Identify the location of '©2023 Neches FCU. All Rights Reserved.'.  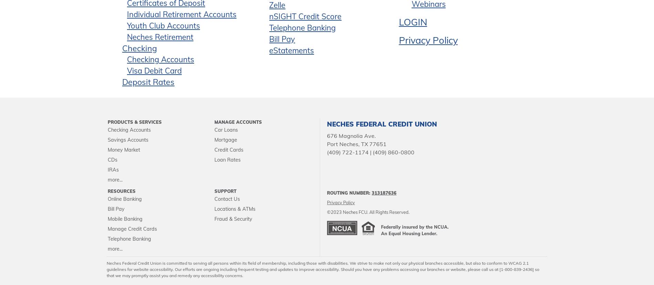
(368, 212).